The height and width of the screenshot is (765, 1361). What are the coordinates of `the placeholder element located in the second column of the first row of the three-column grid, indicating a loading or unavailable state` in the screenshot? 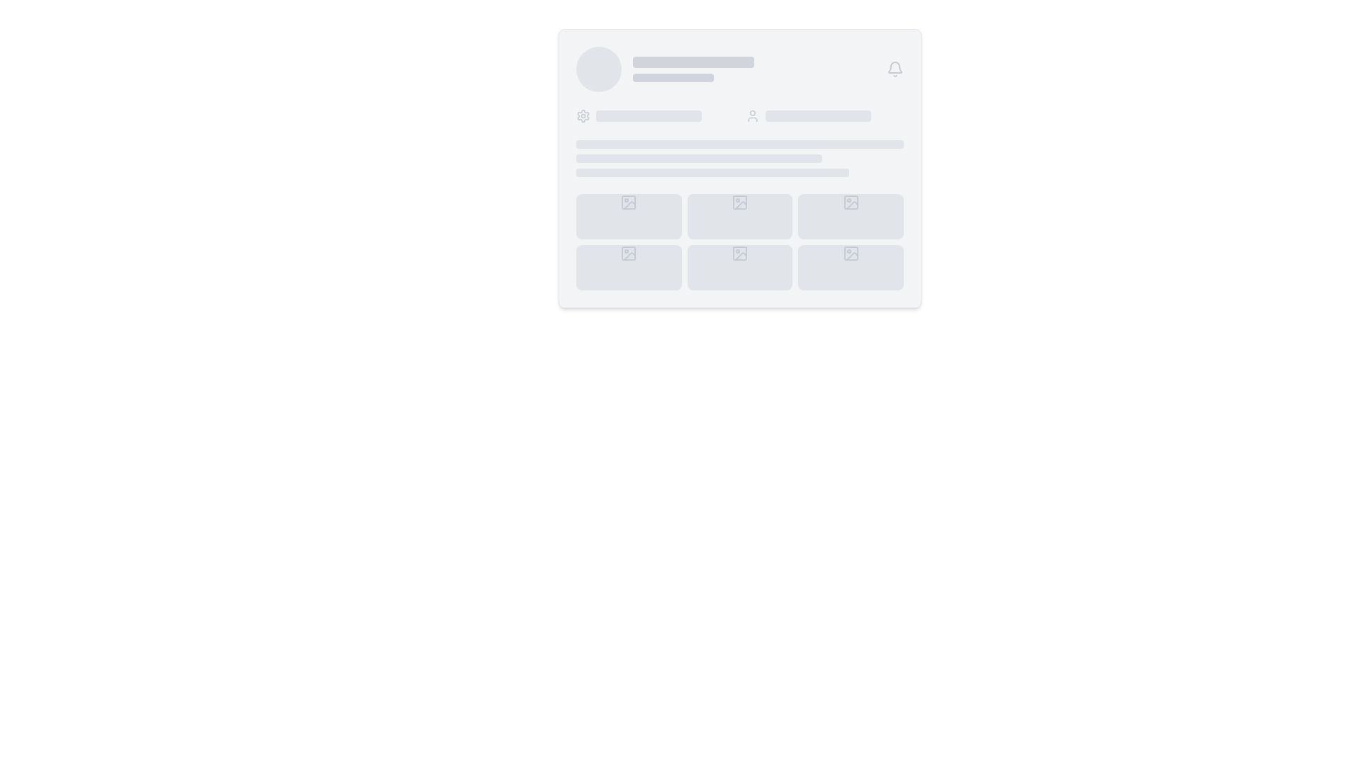 It's located at (739, 216).